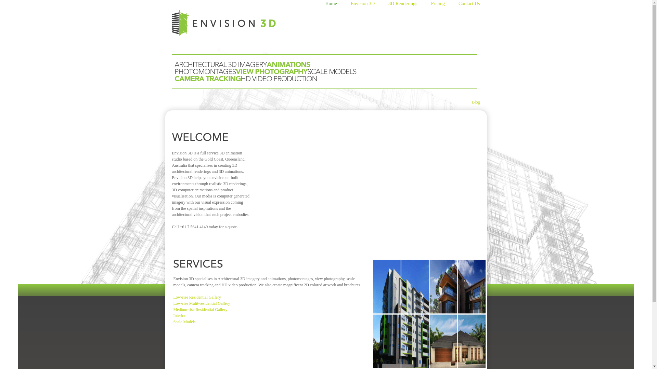 This screenshot has width=657, height=369. Describe the element at coordinates (441, 4) in the screenshot. I see `'Pricing'` at that location.